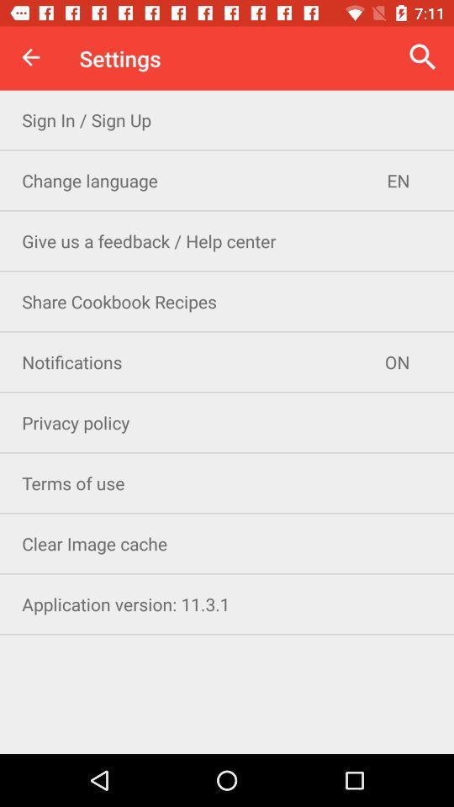  What do you see at coordinates (227, 542) in the screenshot?
I see `clear image cache` at bounding box center [227, 542].